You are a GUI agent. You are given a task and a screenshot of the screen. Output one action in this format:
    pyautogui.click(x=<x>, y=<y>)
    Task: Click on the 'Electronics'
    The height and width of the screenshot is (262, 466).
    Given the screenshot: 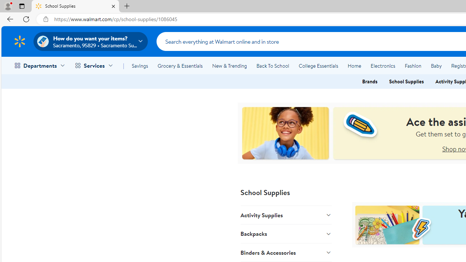 What is the action you would take?
    pyautogui.click(x=382, y=66)
    